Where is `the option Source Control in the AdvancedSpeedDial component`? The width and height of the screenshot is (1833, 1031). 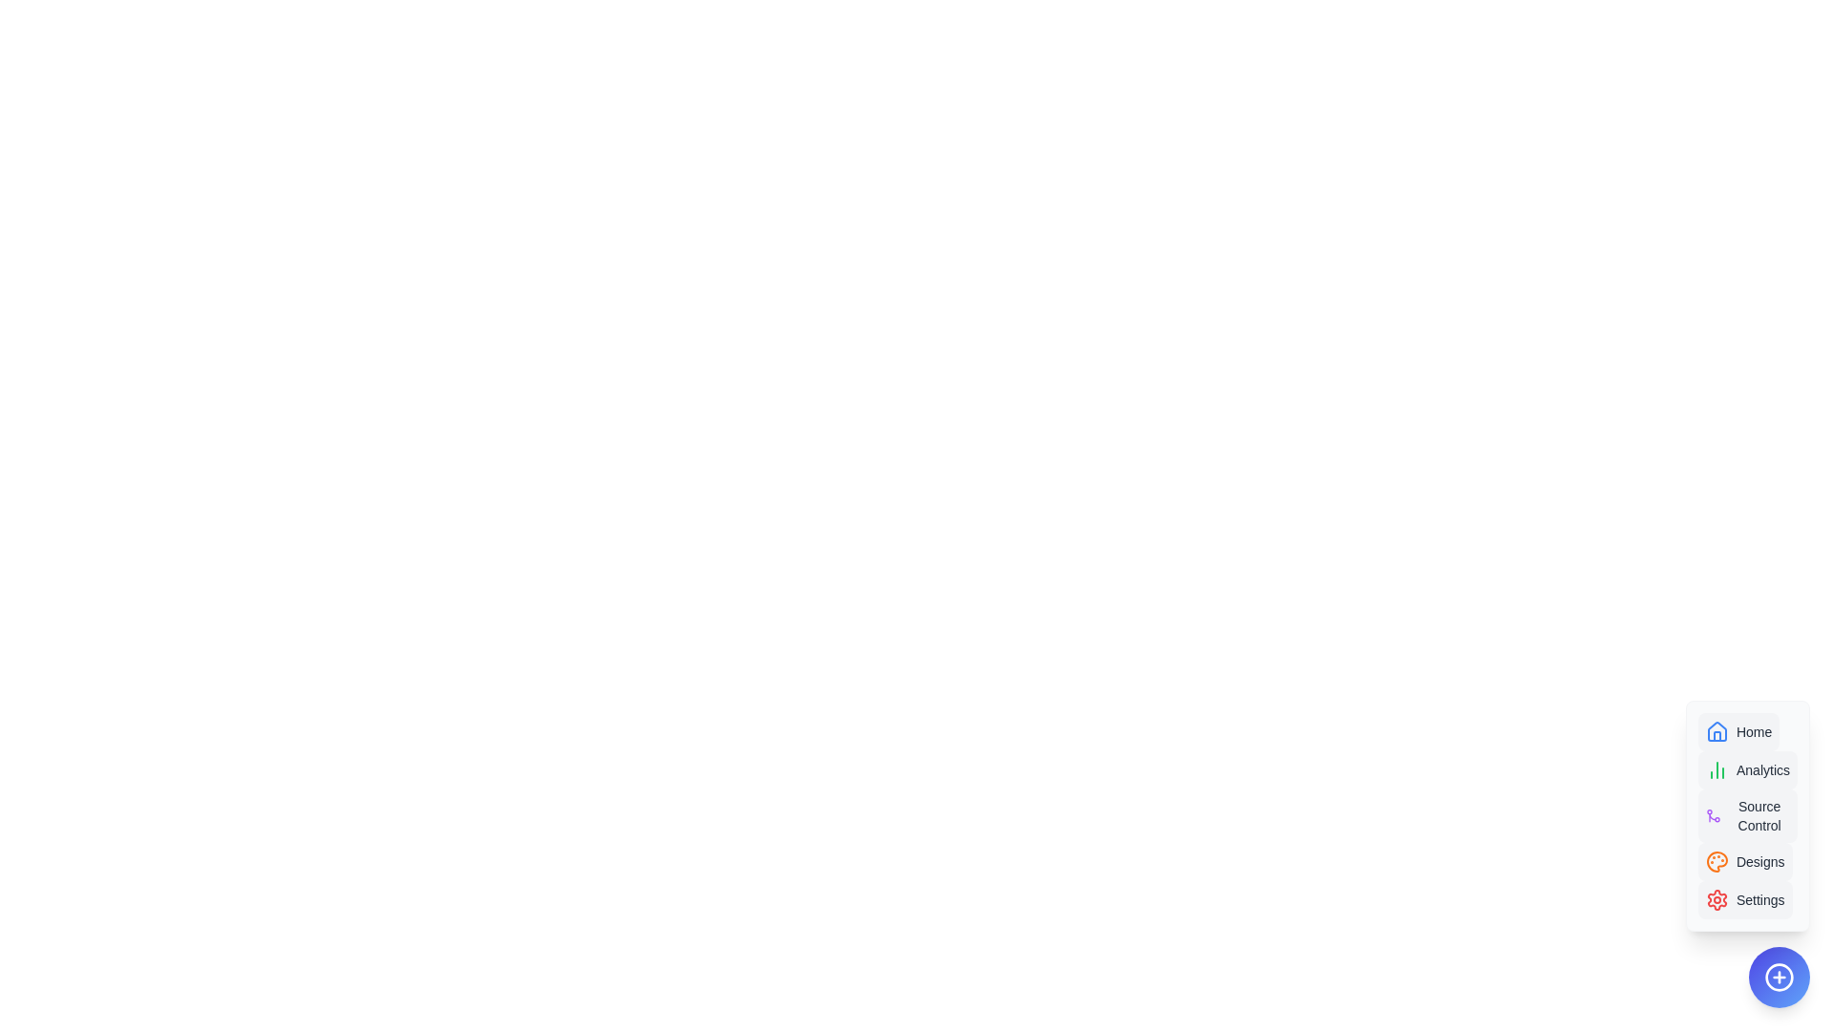
the option Source Control in the AdvancedSpeedDial component is located at coordinates (1747, 816).